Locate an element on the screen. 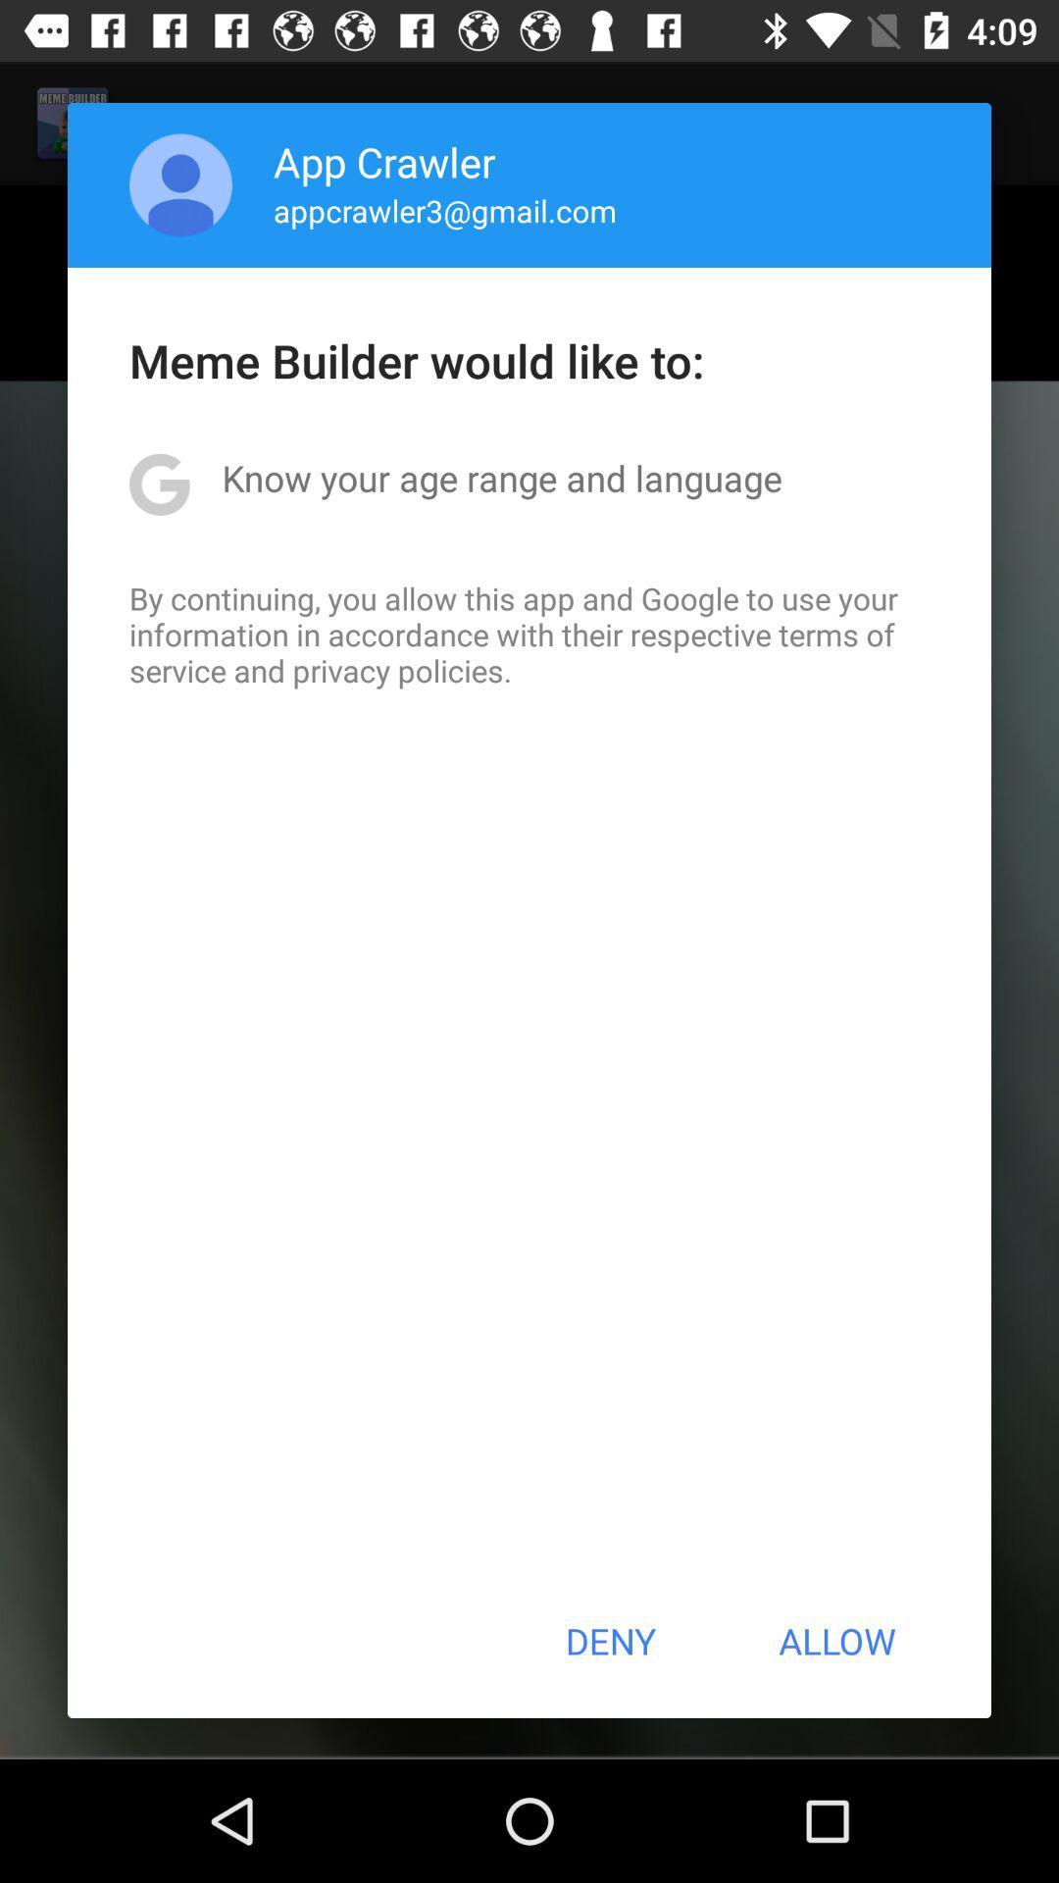 This screenshot has width=1059, height=1883. icon above the by continuing you is located at coordinates (501, 478).